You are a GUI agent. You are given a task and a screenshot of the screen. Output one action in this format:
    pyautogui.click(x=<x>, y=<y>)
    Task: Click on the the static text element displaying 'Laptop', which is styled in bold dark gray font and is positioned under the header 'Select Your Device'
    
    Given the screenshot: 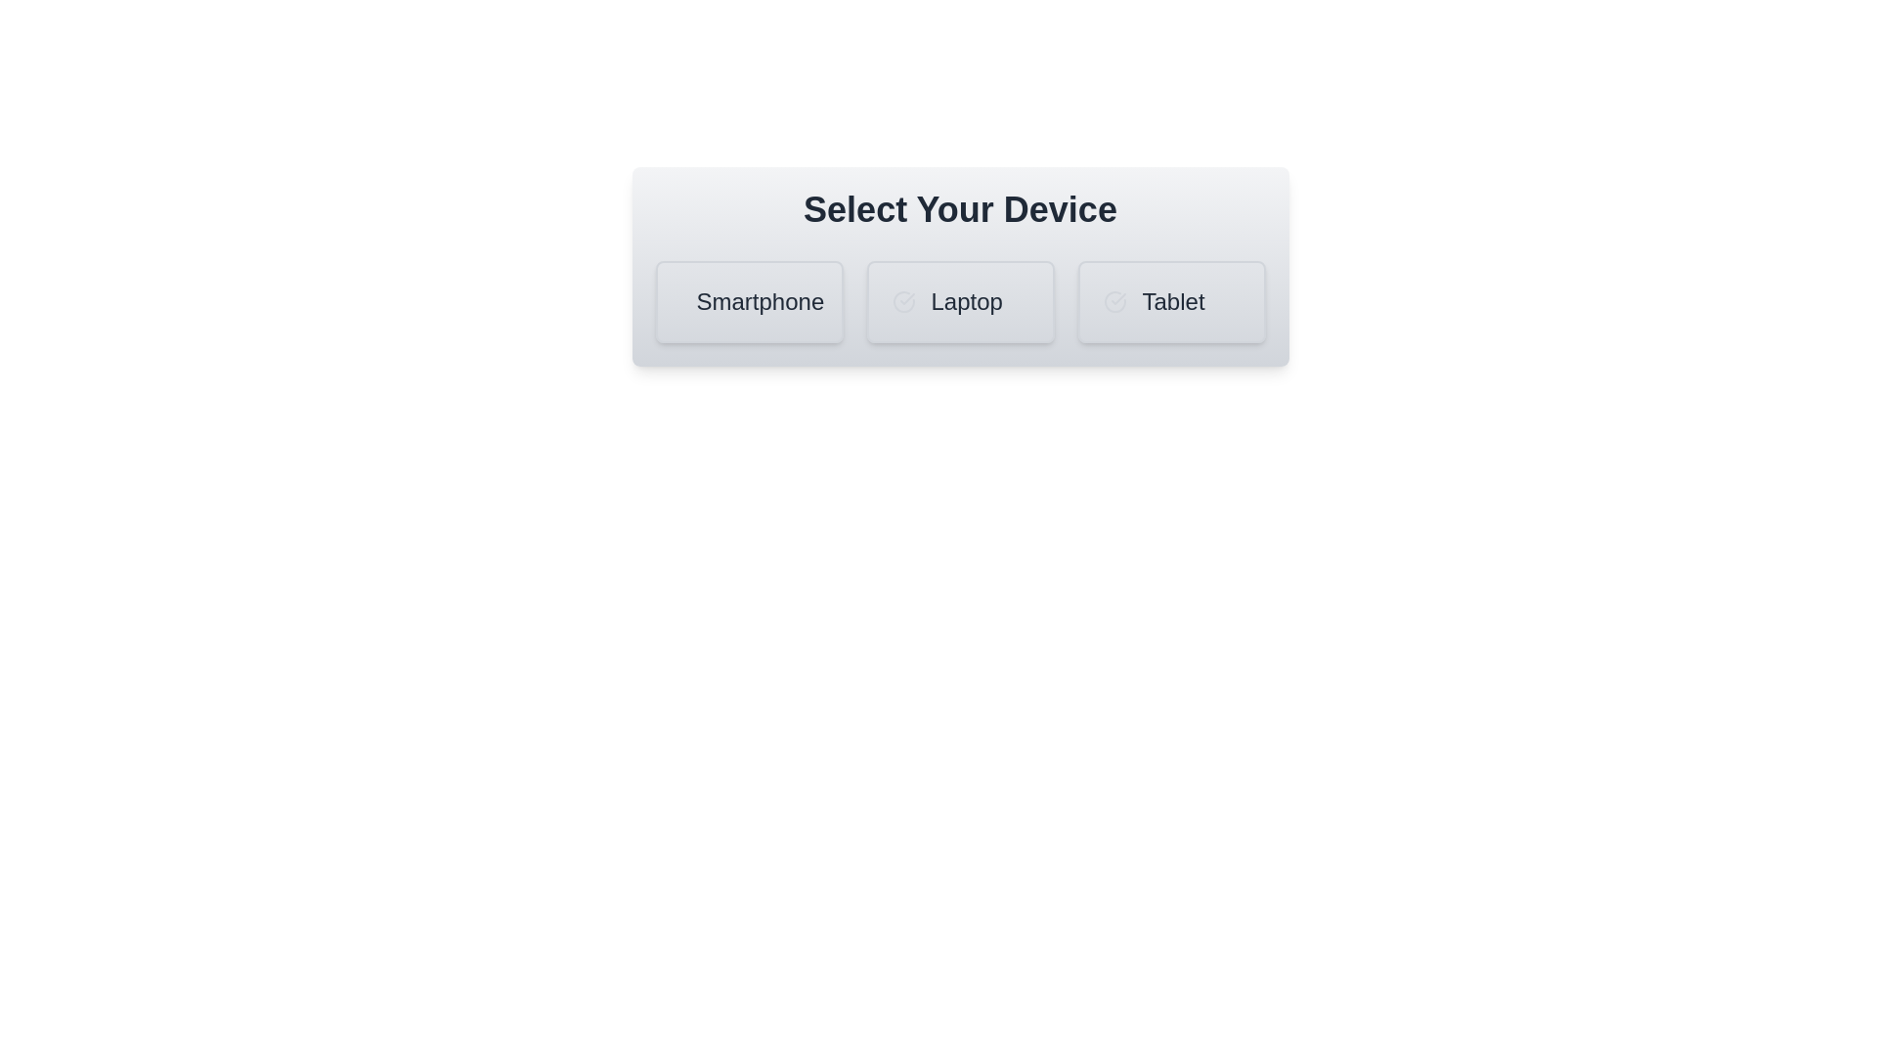 What is the action you would take?
    pyautogui.click(x=967, y=301)
    